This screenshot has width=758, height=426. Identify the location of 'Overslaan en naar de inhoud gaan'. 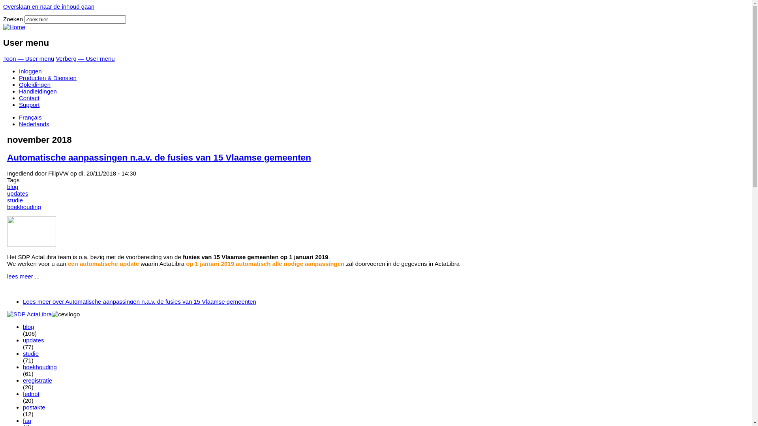
(48, 6).